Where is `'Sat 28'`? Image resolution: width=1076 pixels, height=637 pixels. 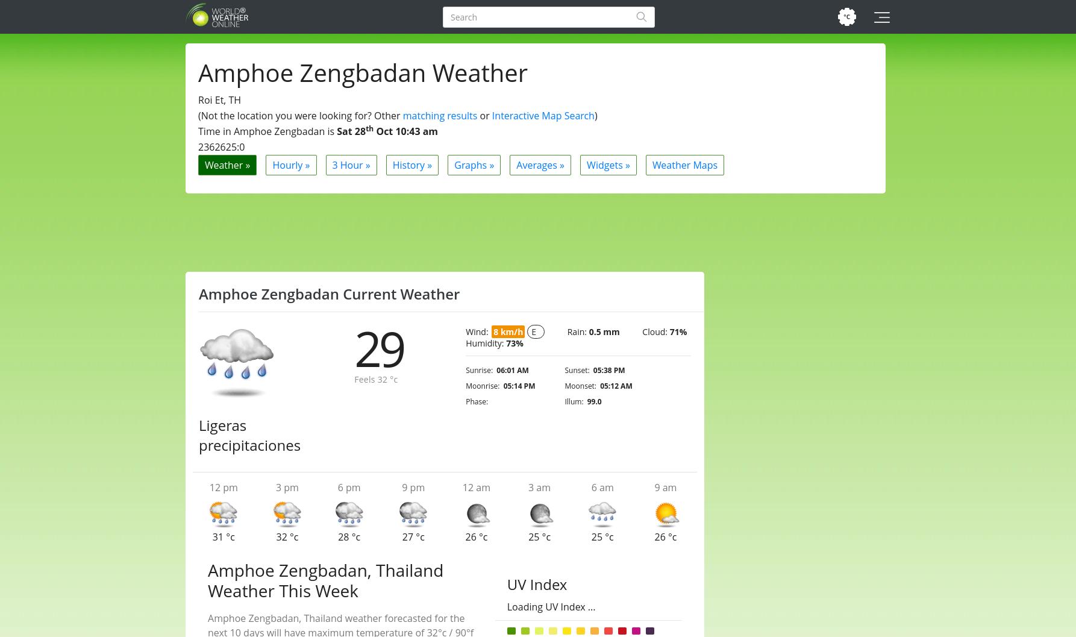
'Sat 28' is located at coordinates (350, 131).